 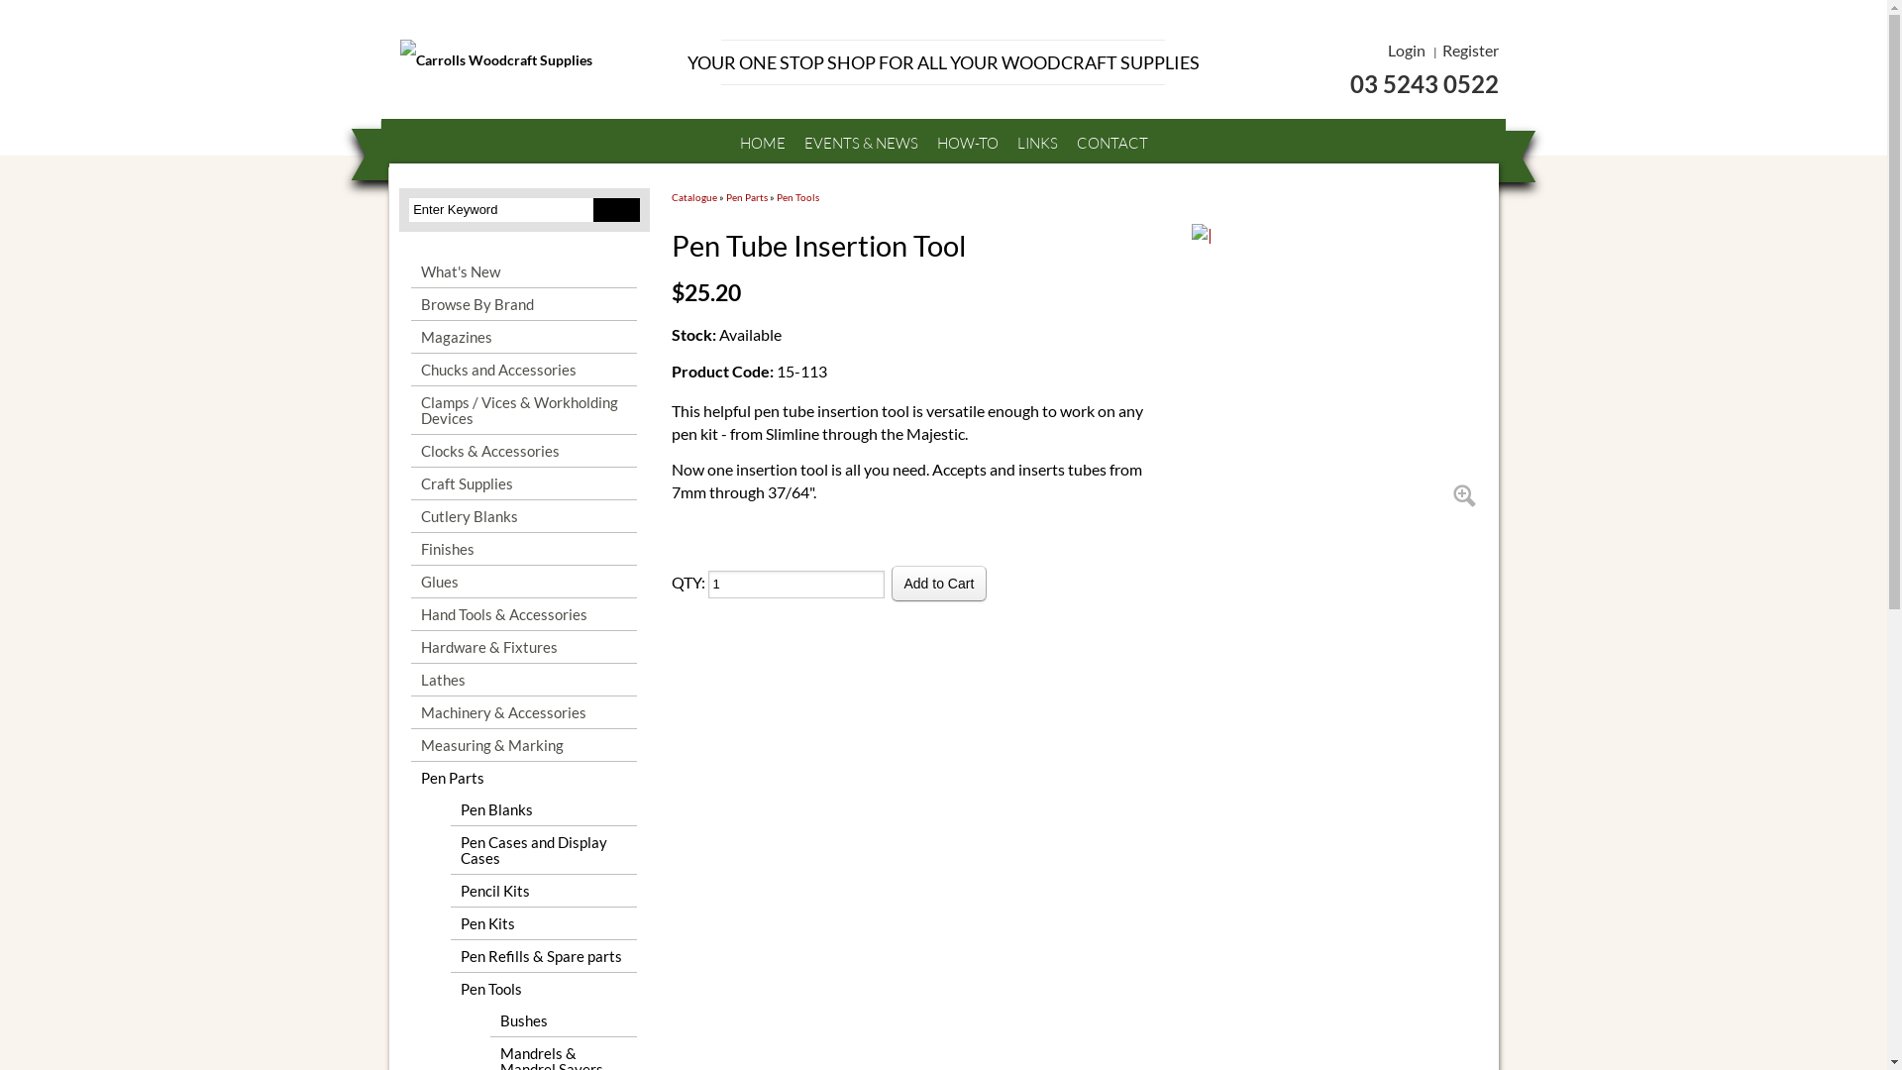 I want to click on 'Lathes', so click(x=409, y=679).